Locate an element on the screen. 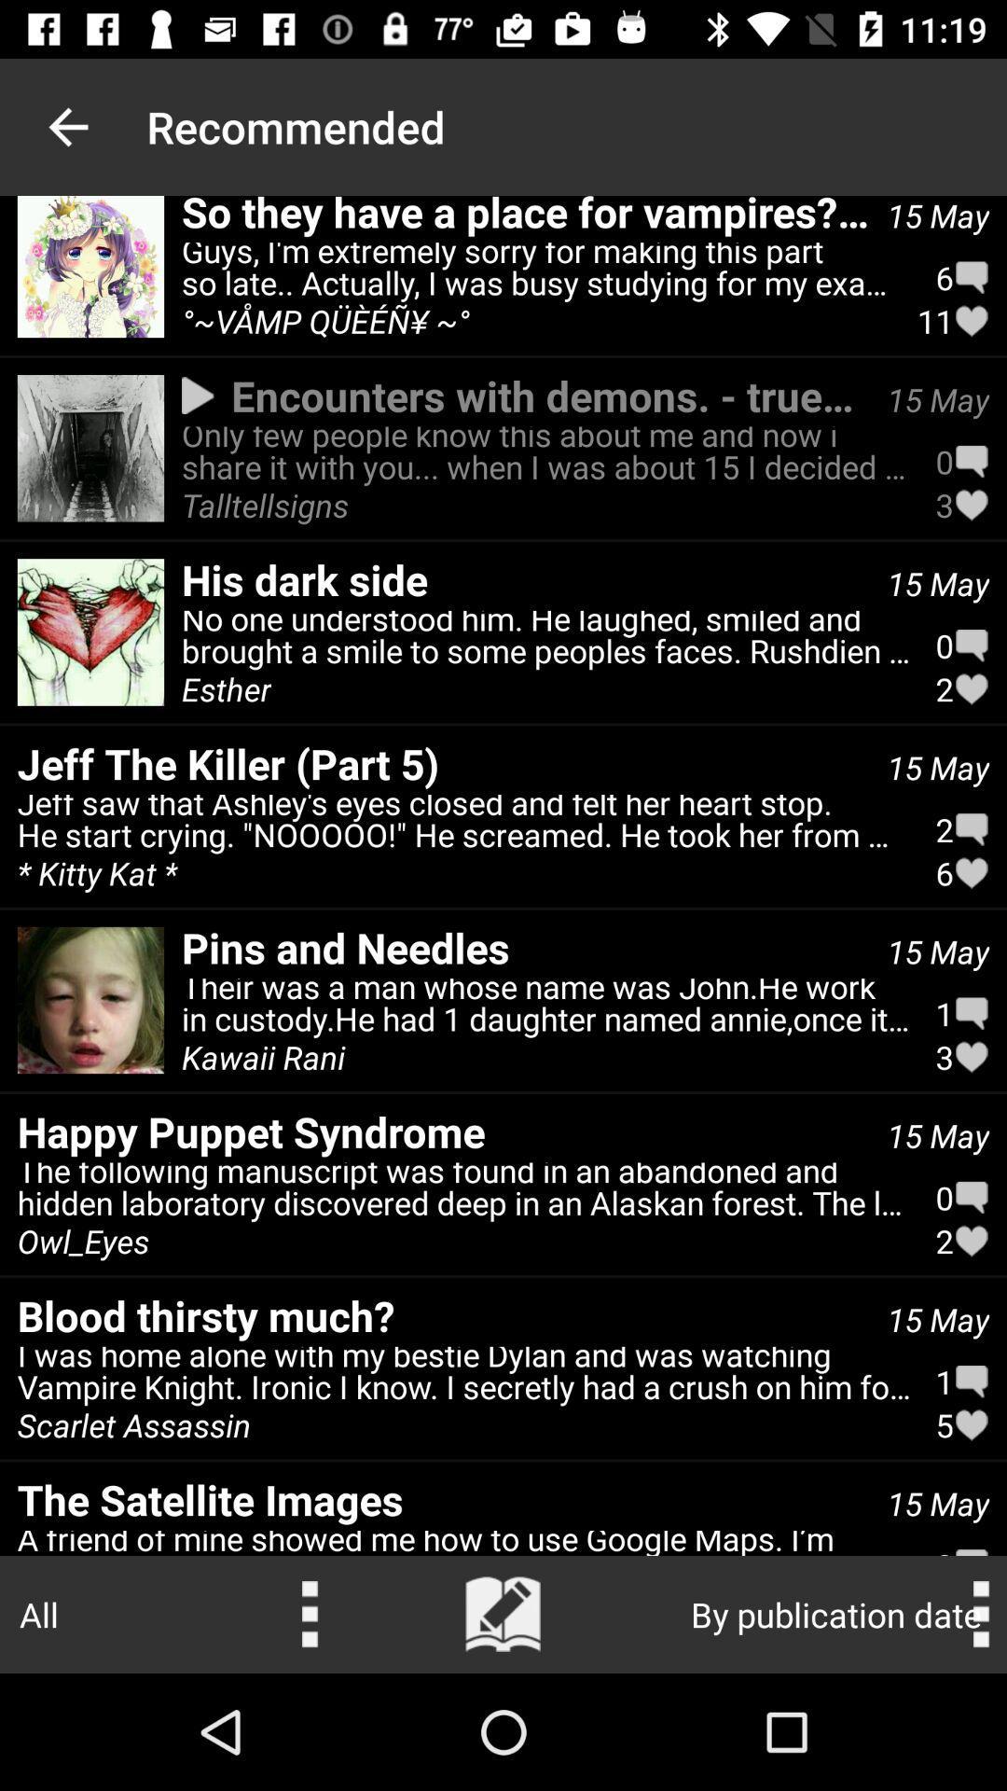 The width and height of the screenshot is (1007, 1791). bookmark is located at coordinates (504, 1614).